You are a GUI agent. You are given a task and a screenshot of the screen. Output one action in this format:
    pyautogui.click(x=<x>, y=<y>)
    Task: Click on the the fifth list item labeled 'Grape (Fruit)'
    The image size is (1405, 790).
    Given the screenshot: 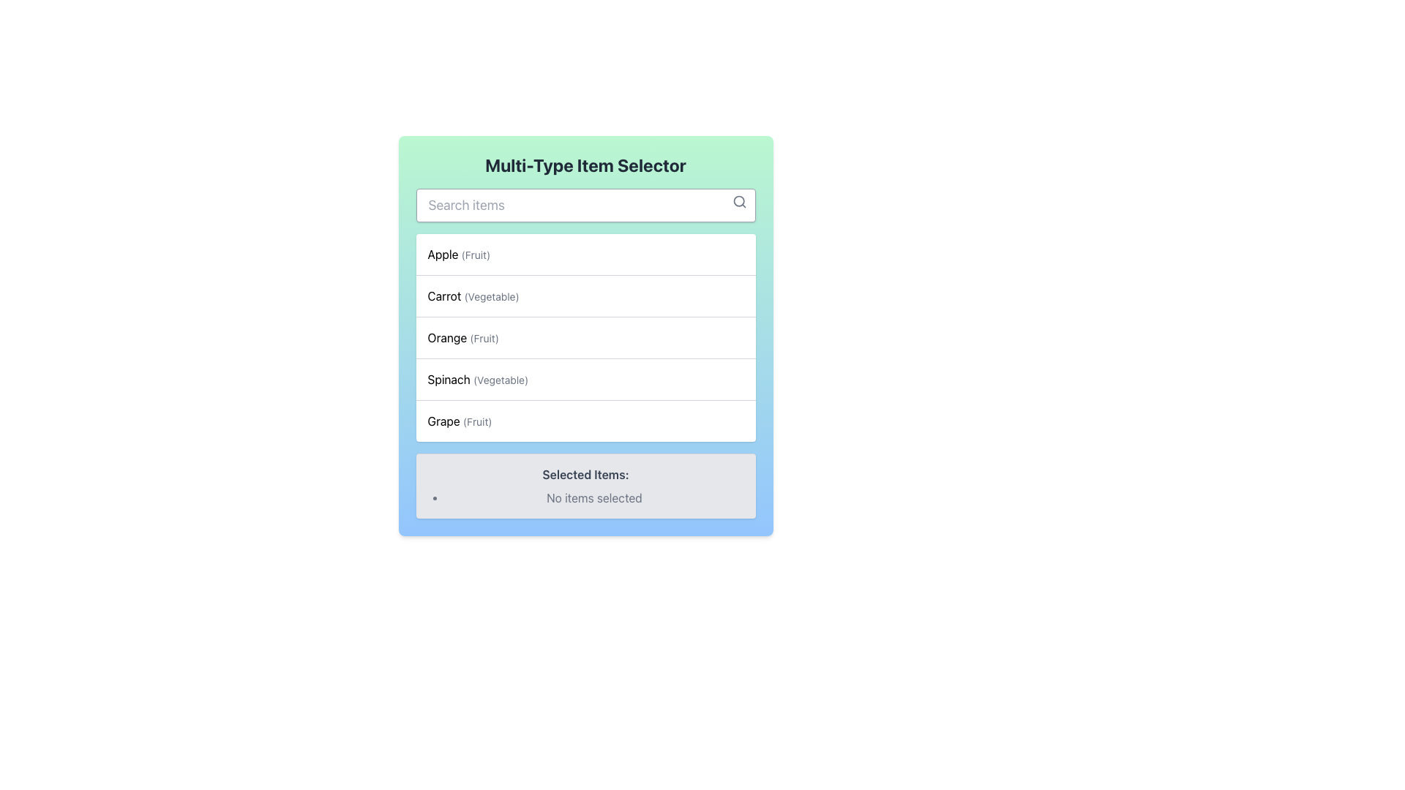 What is the action you would take?
    pyautogui.click(x=585, y=421)
    